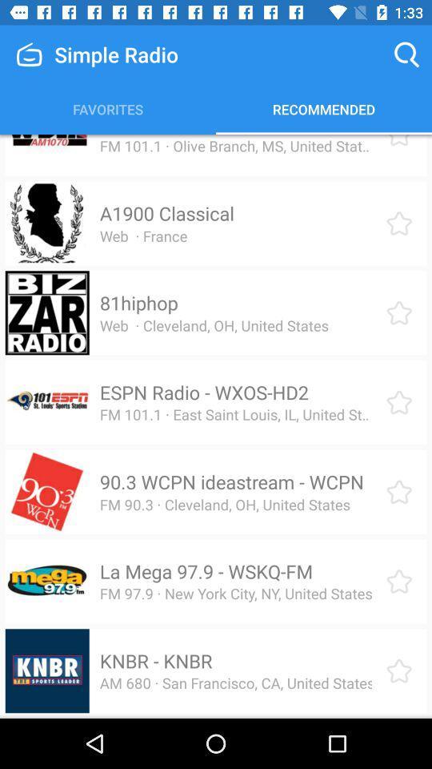 The width and height of the screenshot is (432, 769). What do you see at coordinates (199, 135) in the screenshot?
I see `item above fm 101 1 item` at bounding box center [199, 135].